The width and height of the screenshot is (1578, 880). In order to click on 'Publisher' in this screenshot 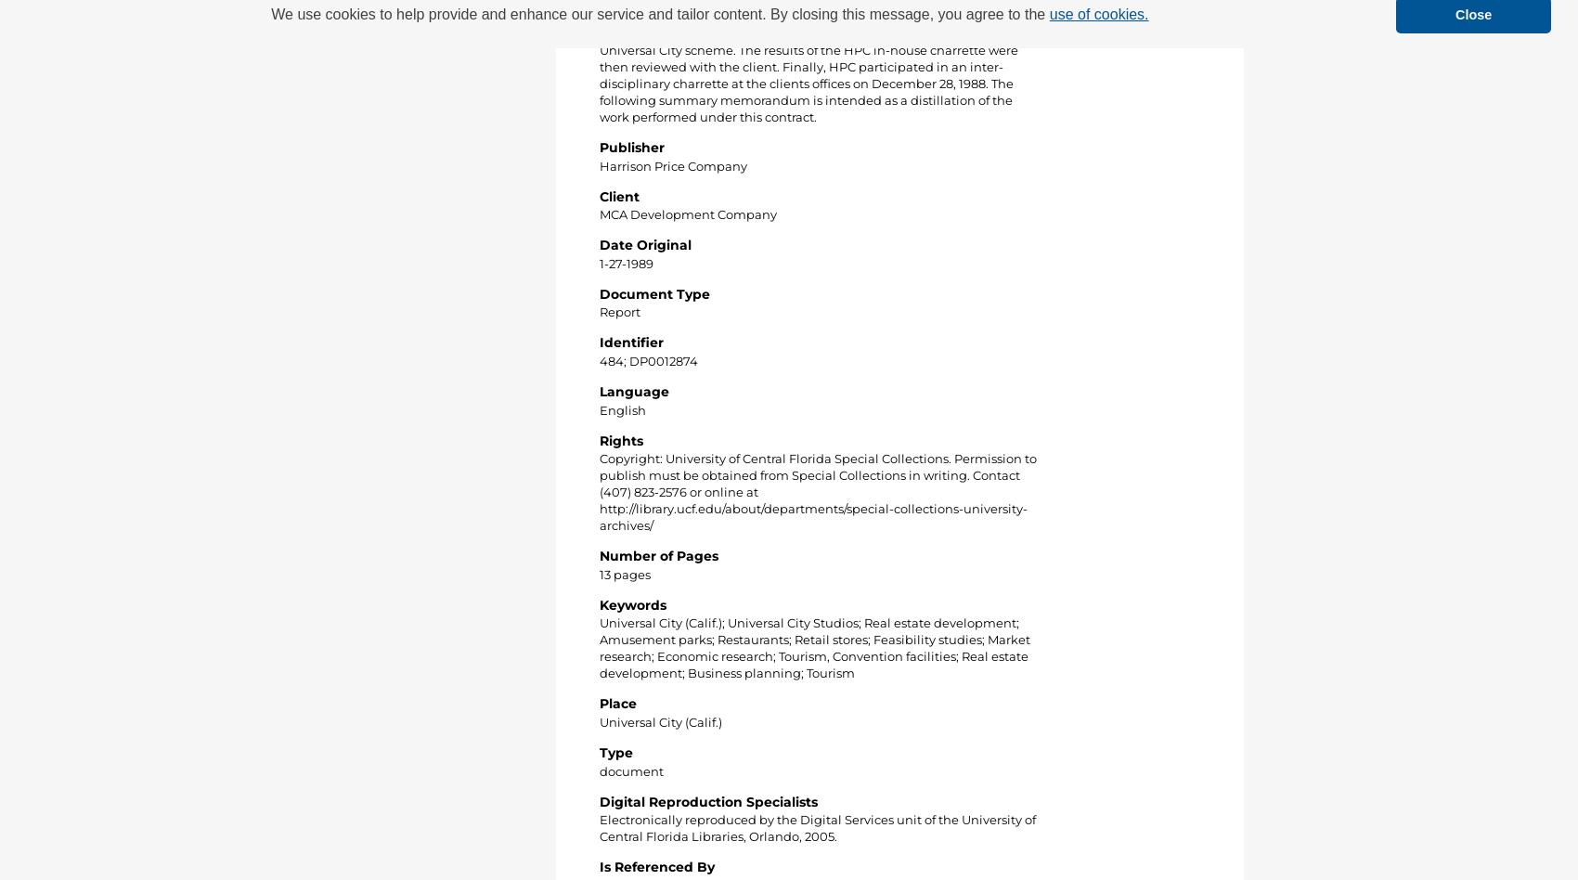, I will do `click(600, 146)`.